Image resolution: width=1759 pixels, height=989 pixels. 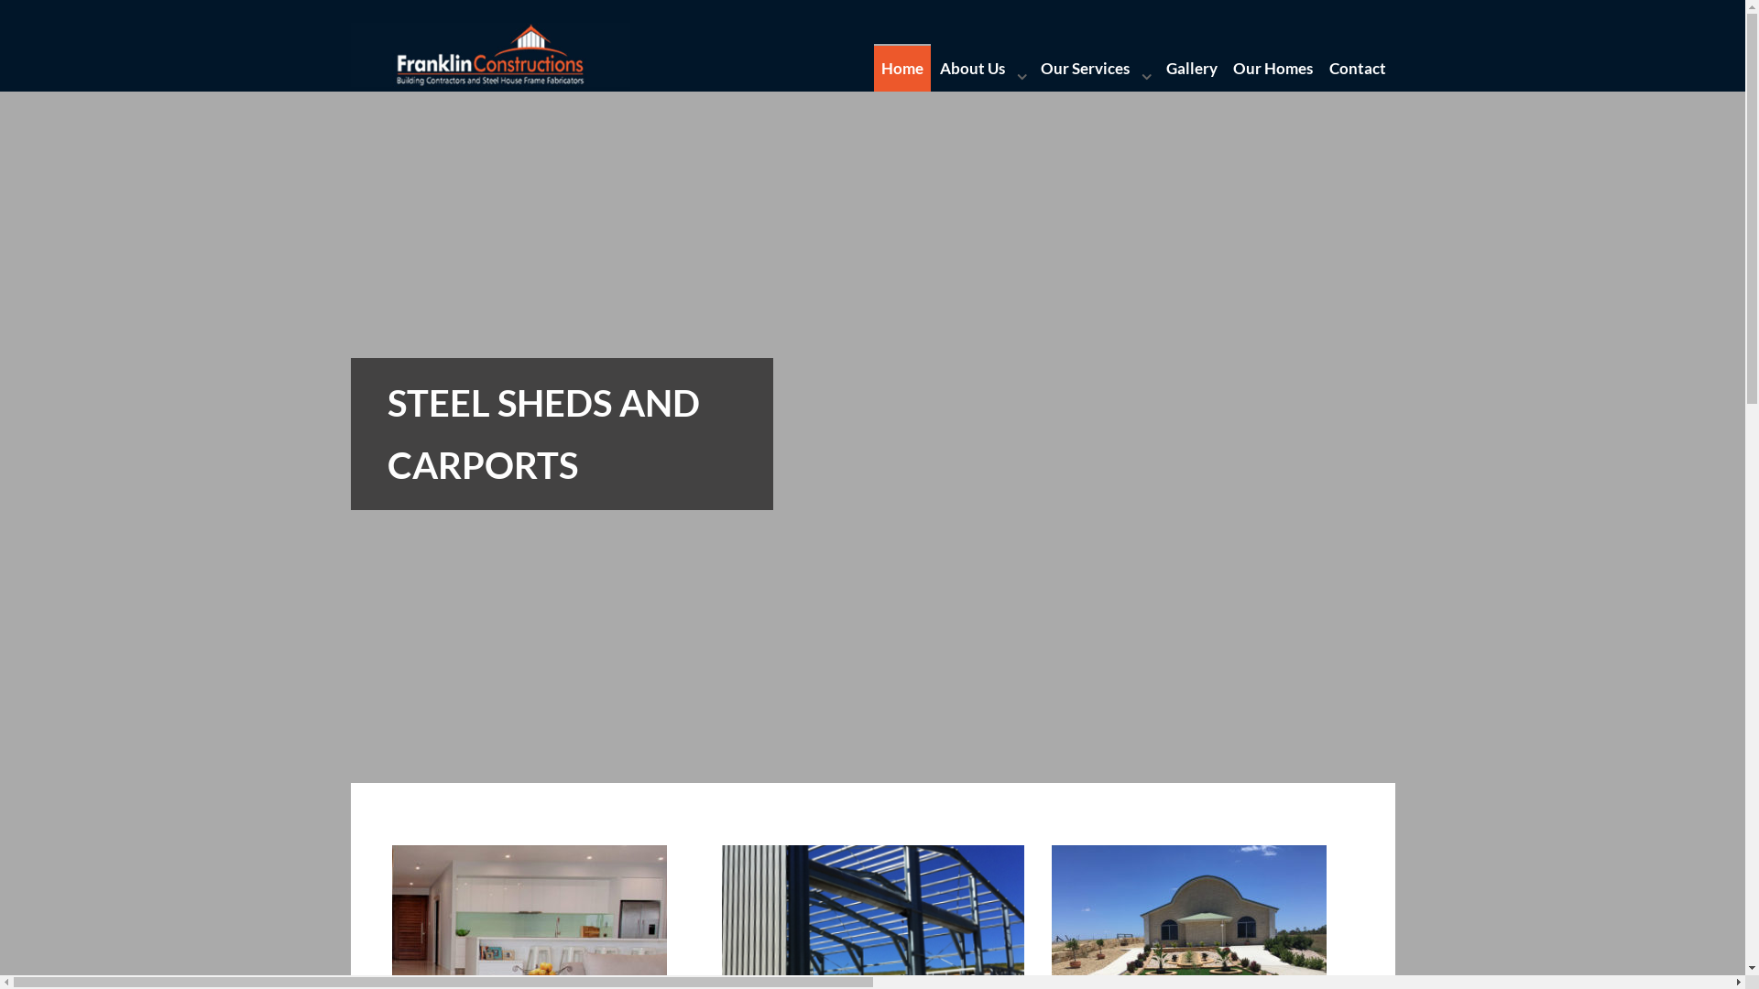 What do you see at coordinates (1273, 67) in the screenshot?
I see `'Our Homes'` at bounding box center [1273, 67].